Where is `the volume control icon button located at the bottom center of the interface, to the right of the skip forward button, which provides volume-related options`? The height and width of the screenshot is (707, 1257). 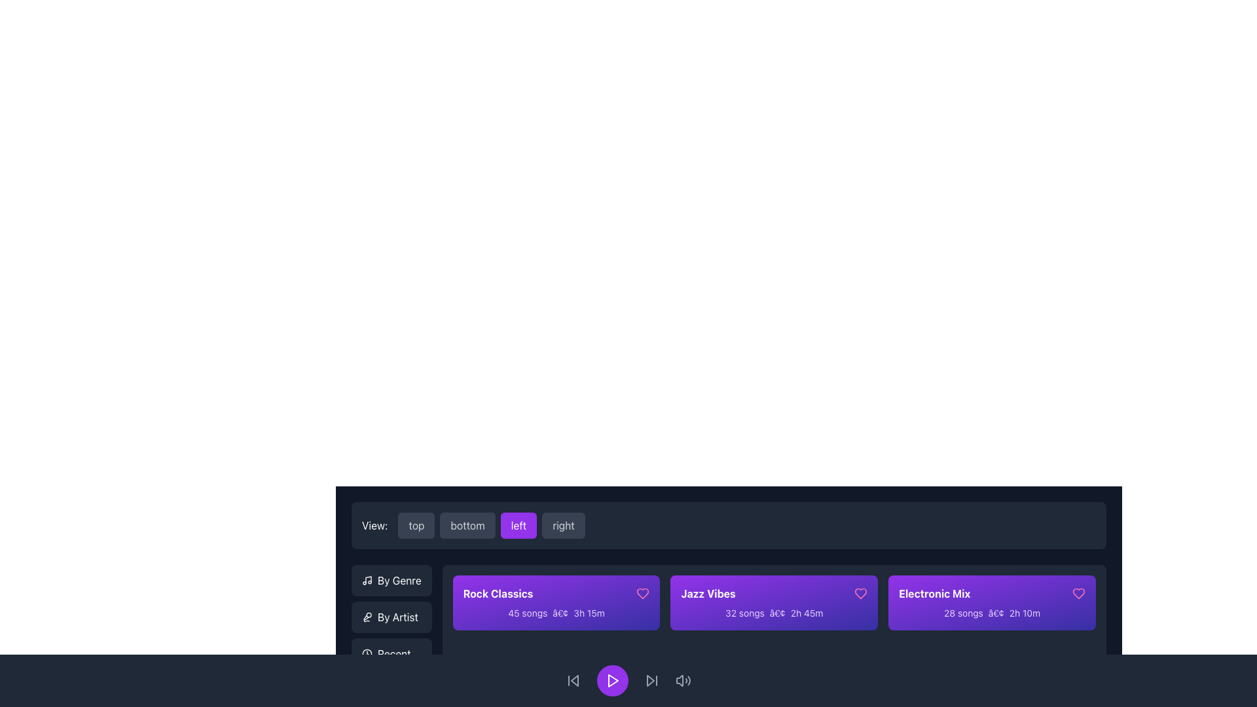
the volume control icon button located at the bottom center of the interface, to the right of the skip forward button, which provides volume-related options is located at coordinates (682, 680).